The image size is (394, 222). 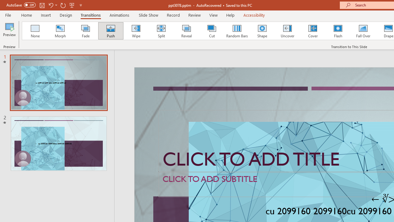 I want to click on 'Flash', so click(x=338, y=31).